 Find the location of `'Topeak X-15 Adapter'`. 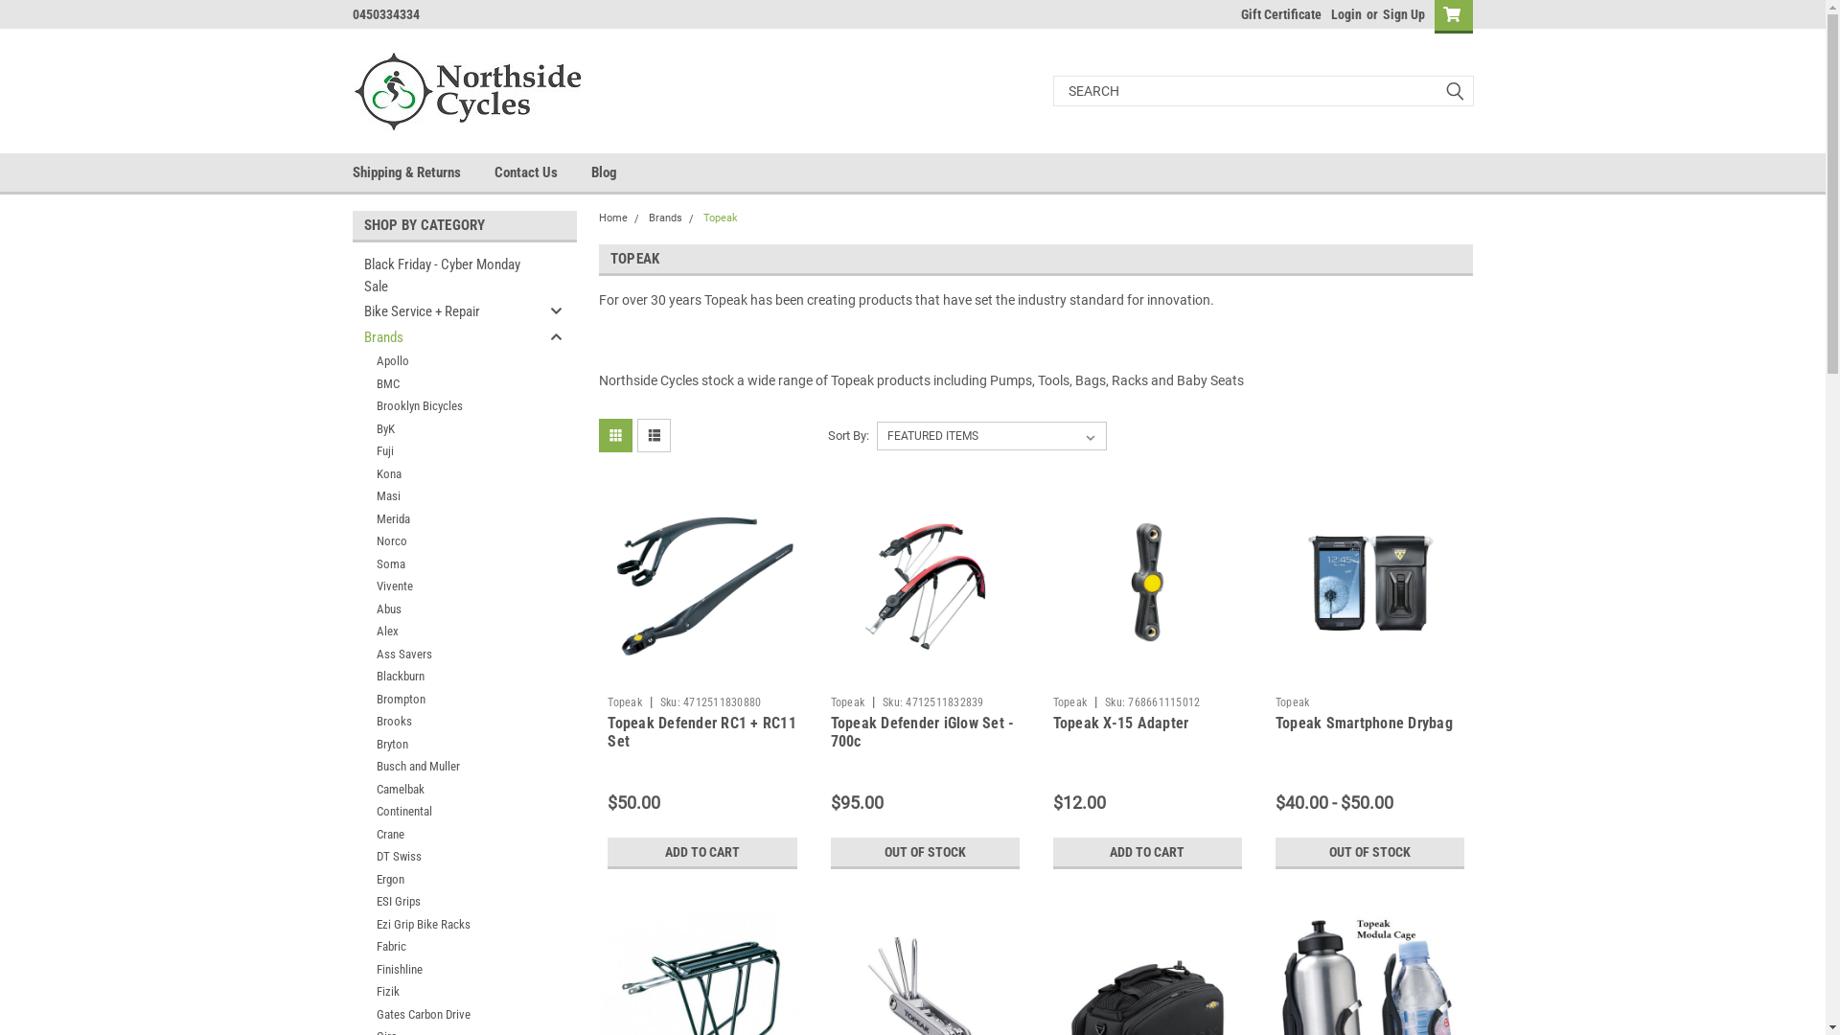

'Topeak X-15 Adapter' is located at coordinates (1052, 723).